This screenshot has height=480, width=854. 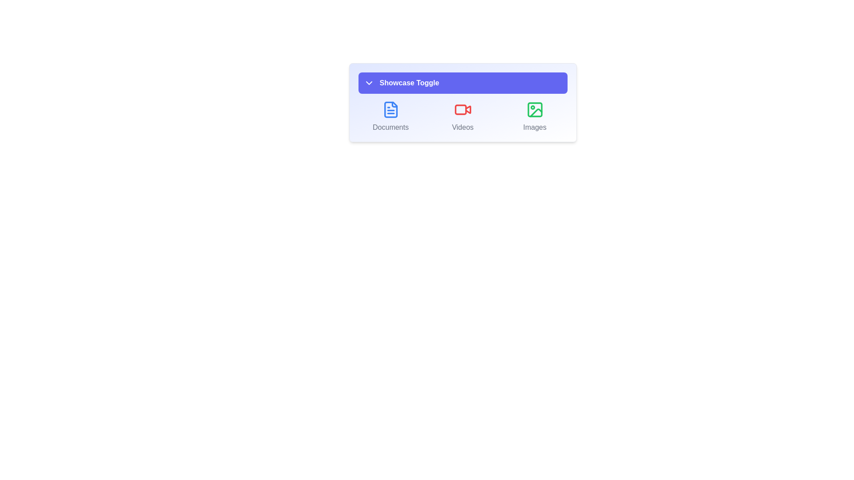 What do you see at coordinates (391, 127) in the screenshot?
I see `static text label that is located at the bottom-center of the group, immediately below the document icon` at bounding box center [391, 127].